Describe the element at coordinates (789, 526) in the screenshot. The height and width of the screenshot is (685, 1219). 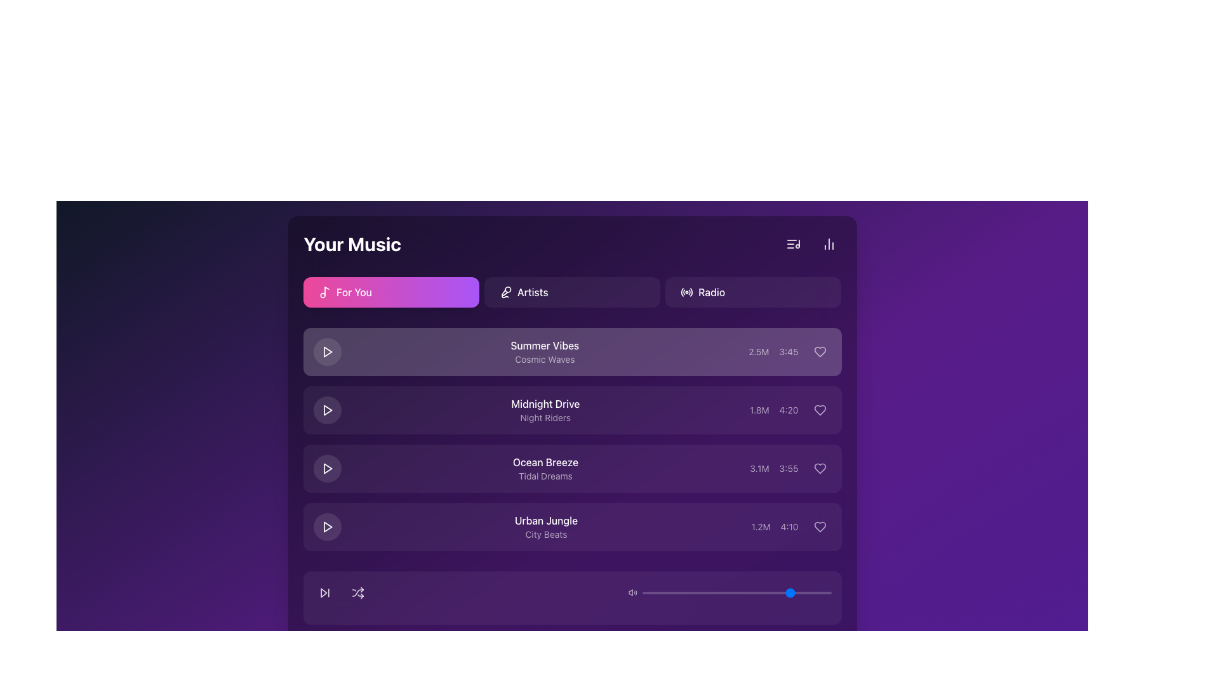
I see `the text label displaying '4:10', which is positioned between '1.2M' on the left and a heart icon on the right, formatted in a small font with light color on a dark background` at that location.